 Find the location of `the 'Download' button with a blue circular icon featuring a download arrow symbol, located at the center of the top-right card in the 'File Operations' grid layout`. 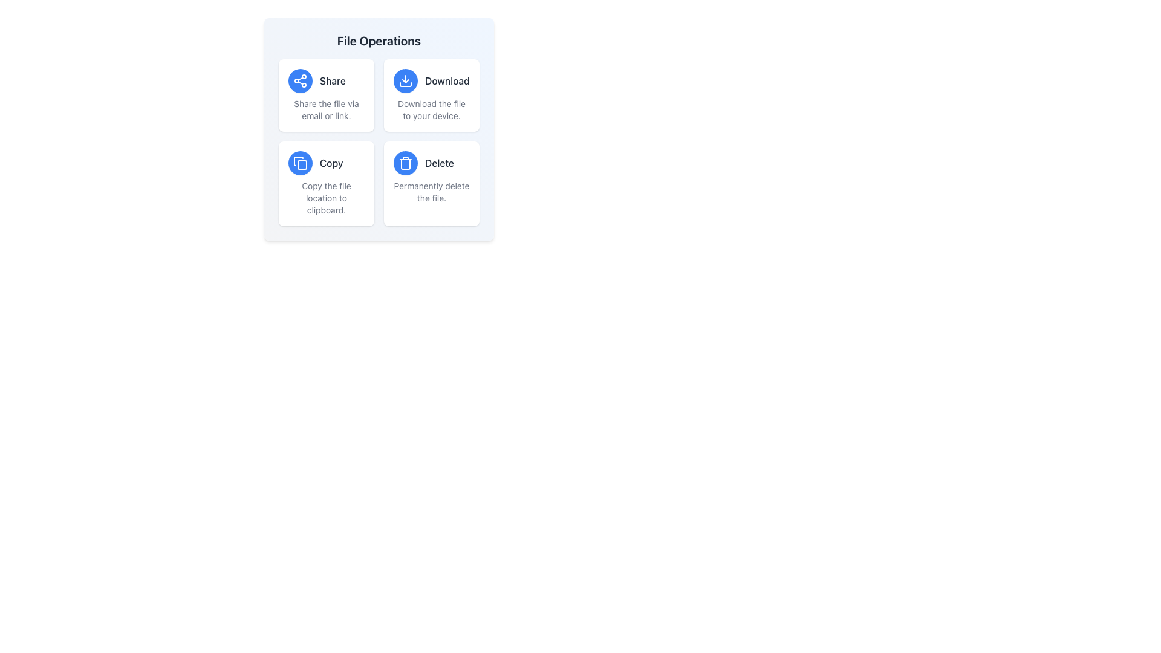

the 'Download' button with a blue circular icon featuring a download arrow symbol, located at the center of the top-right card in the 'File Operations' grid layout is located at coordinates (432, 81).